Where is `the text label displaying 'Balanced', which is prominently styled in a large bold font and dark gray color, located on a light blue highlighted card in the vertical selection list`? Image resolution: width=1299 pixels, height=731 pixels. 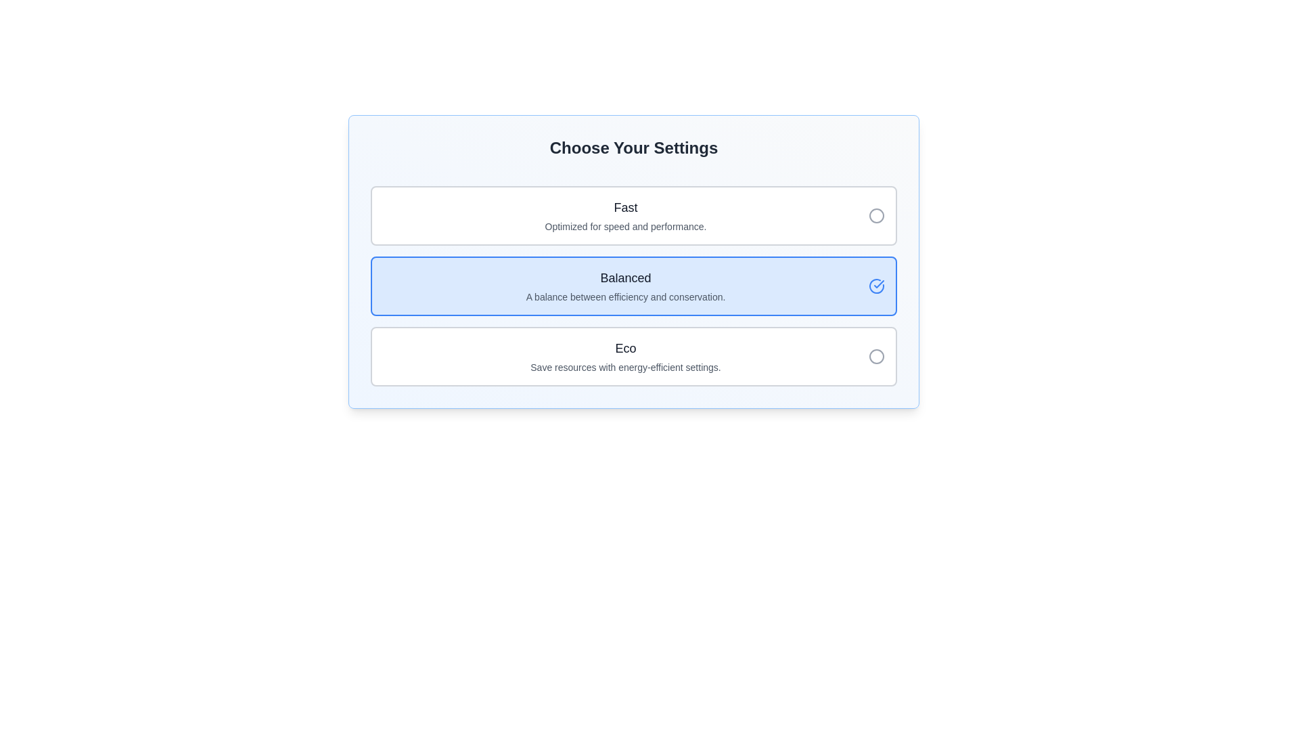
the text label displaying 'Balanced', which is prominently styled in a large bold font and dark gray color, located on a light blue highlighted card in the vertical selection list is located at coordinates (625, 278).